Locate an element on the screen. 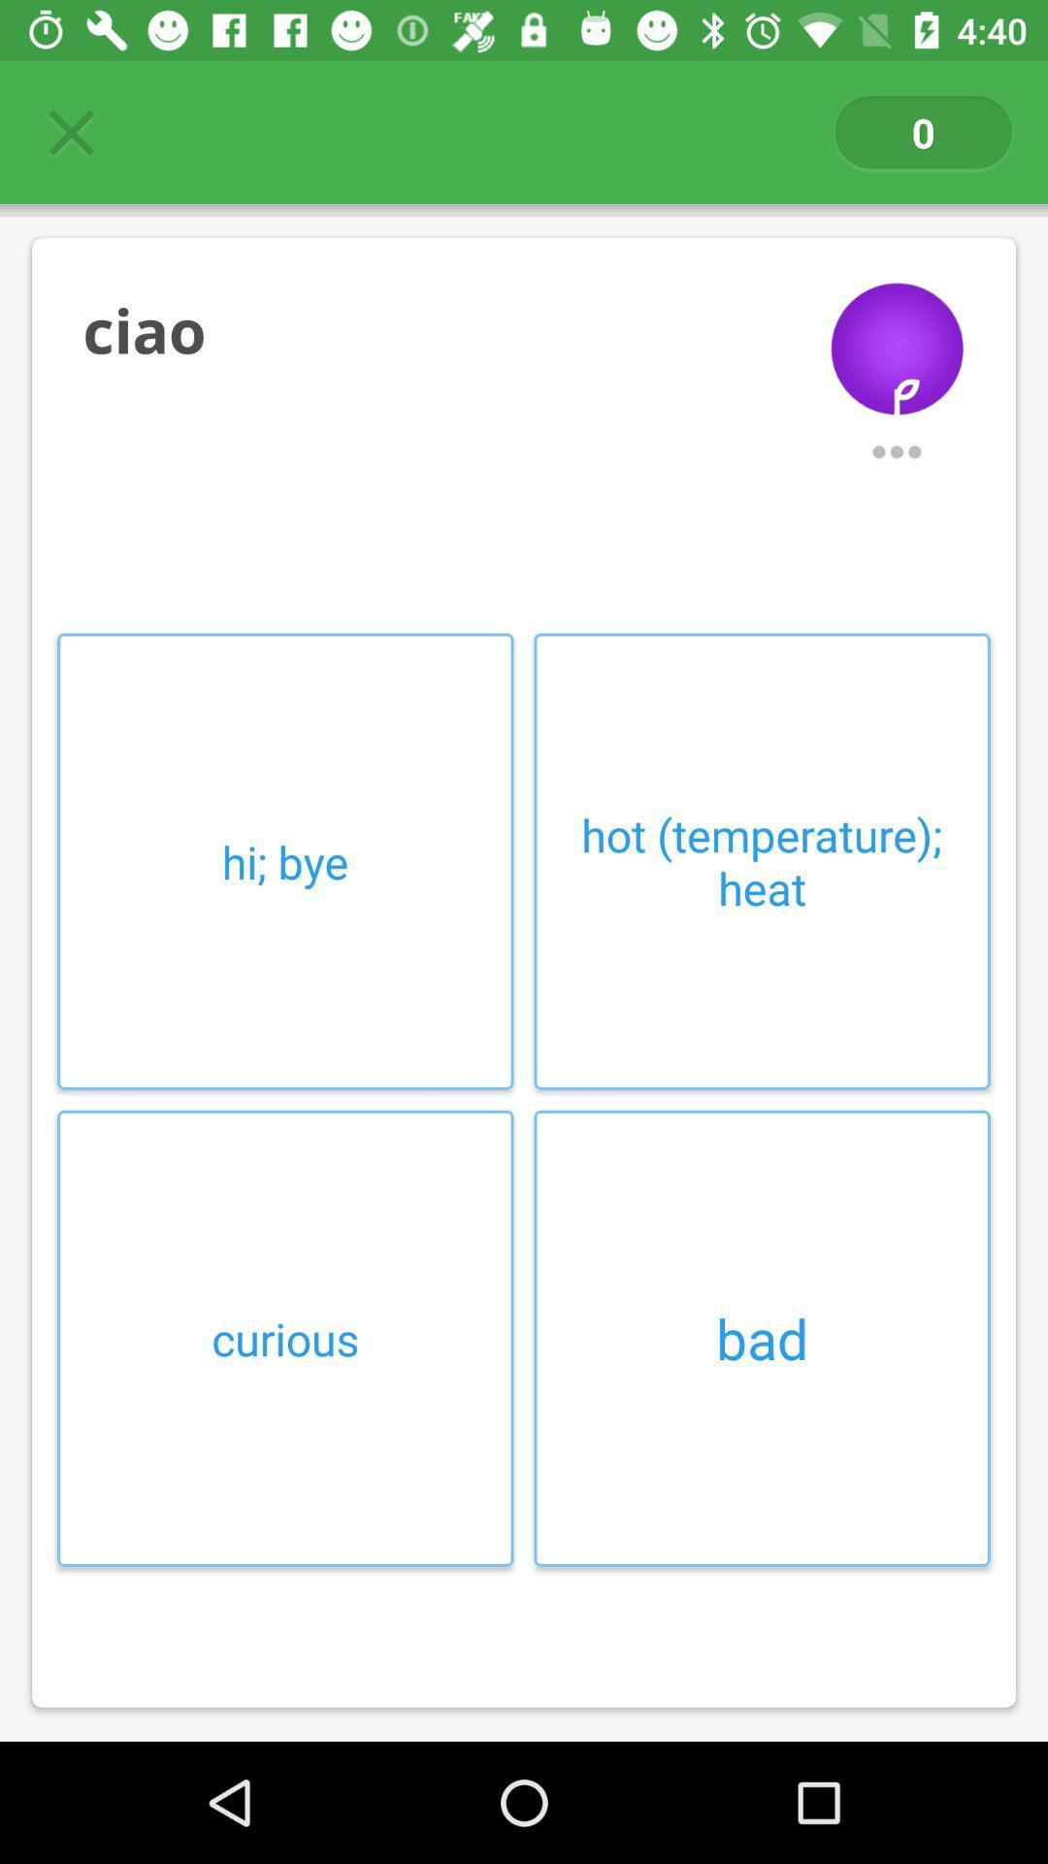 Image resolution: width=1048 pixels, height=1864 pixels. hi; bye item is located at coordinates (285, 860).